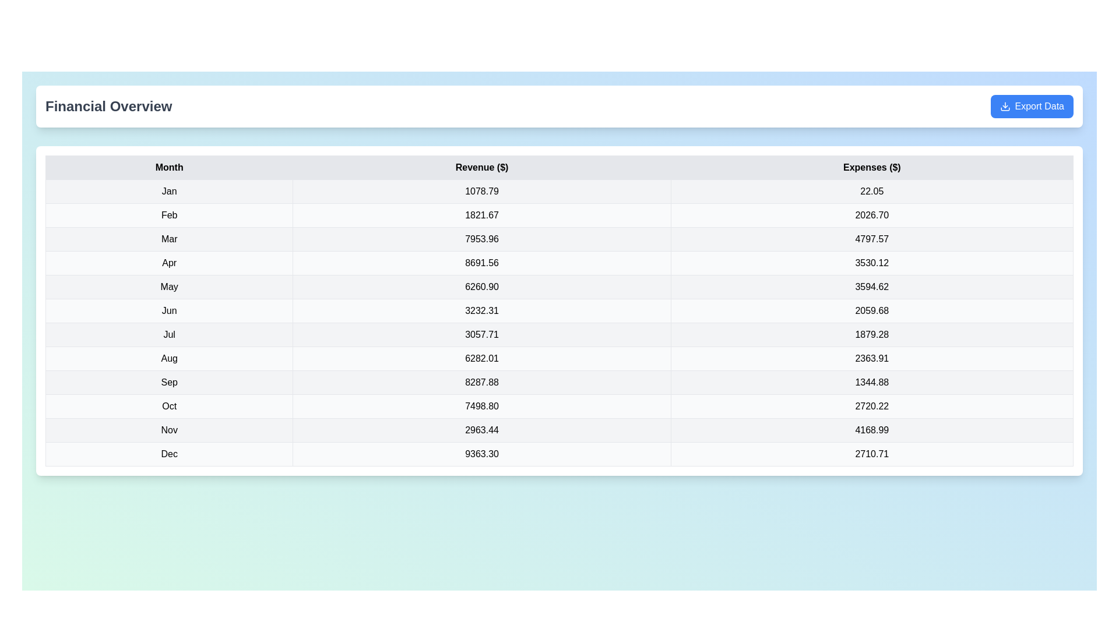  Describe the element at coordinates (482, 168) in the screenshot. I see `the column header labeled 'Revenue ($)' to sort the table by that column` at that location.